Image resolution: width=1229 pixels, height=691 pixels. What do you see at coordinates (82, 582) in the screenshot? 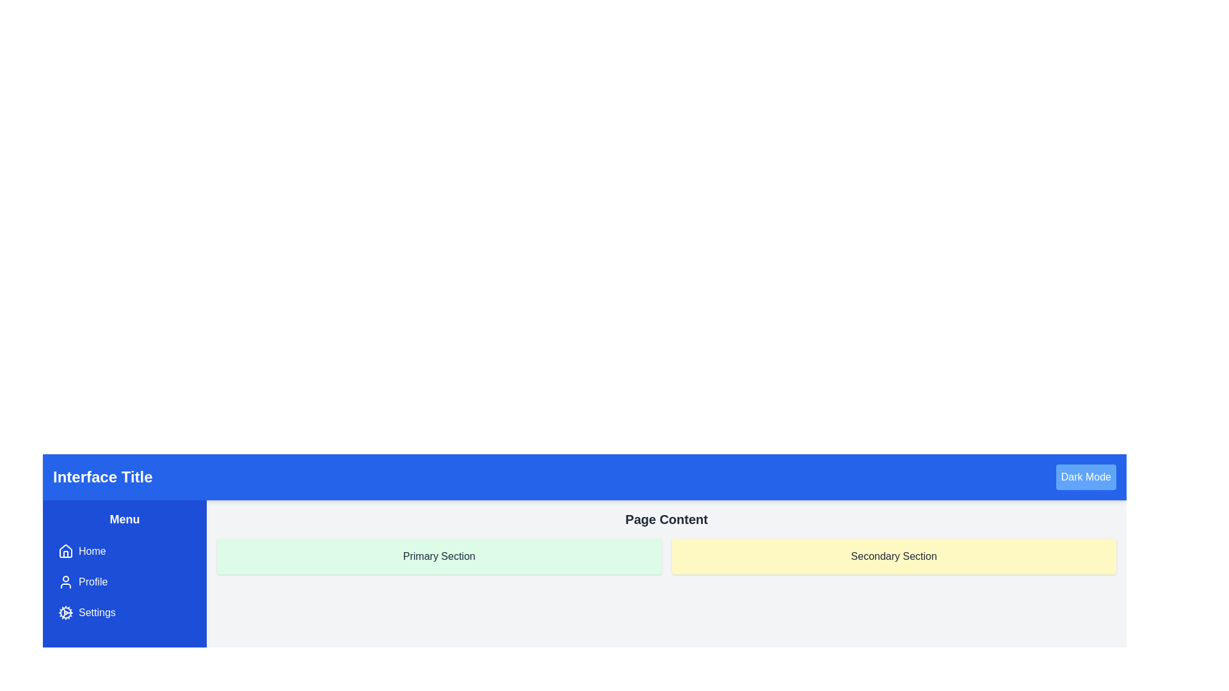
I see `the 'Profile' button` at bounding box center [82, 582].